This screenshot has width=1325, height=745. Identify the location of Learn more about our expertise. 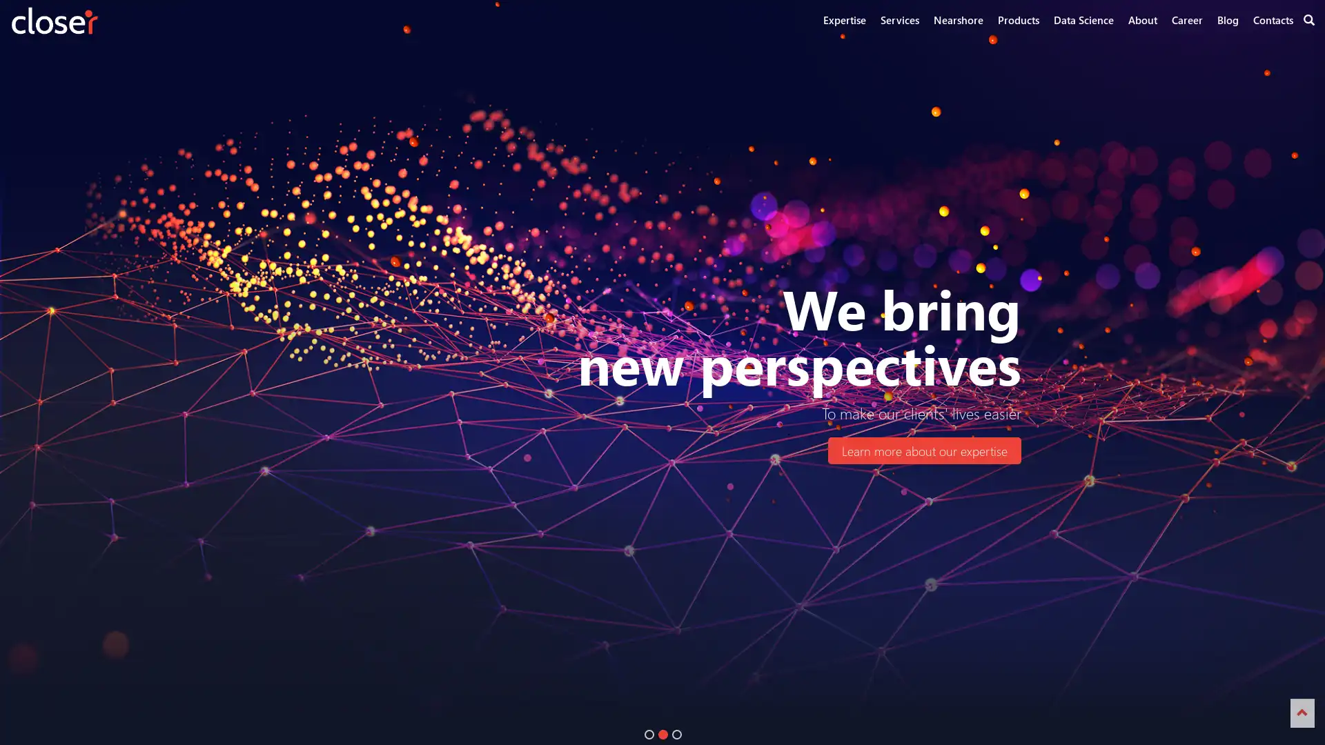
(924, 450).